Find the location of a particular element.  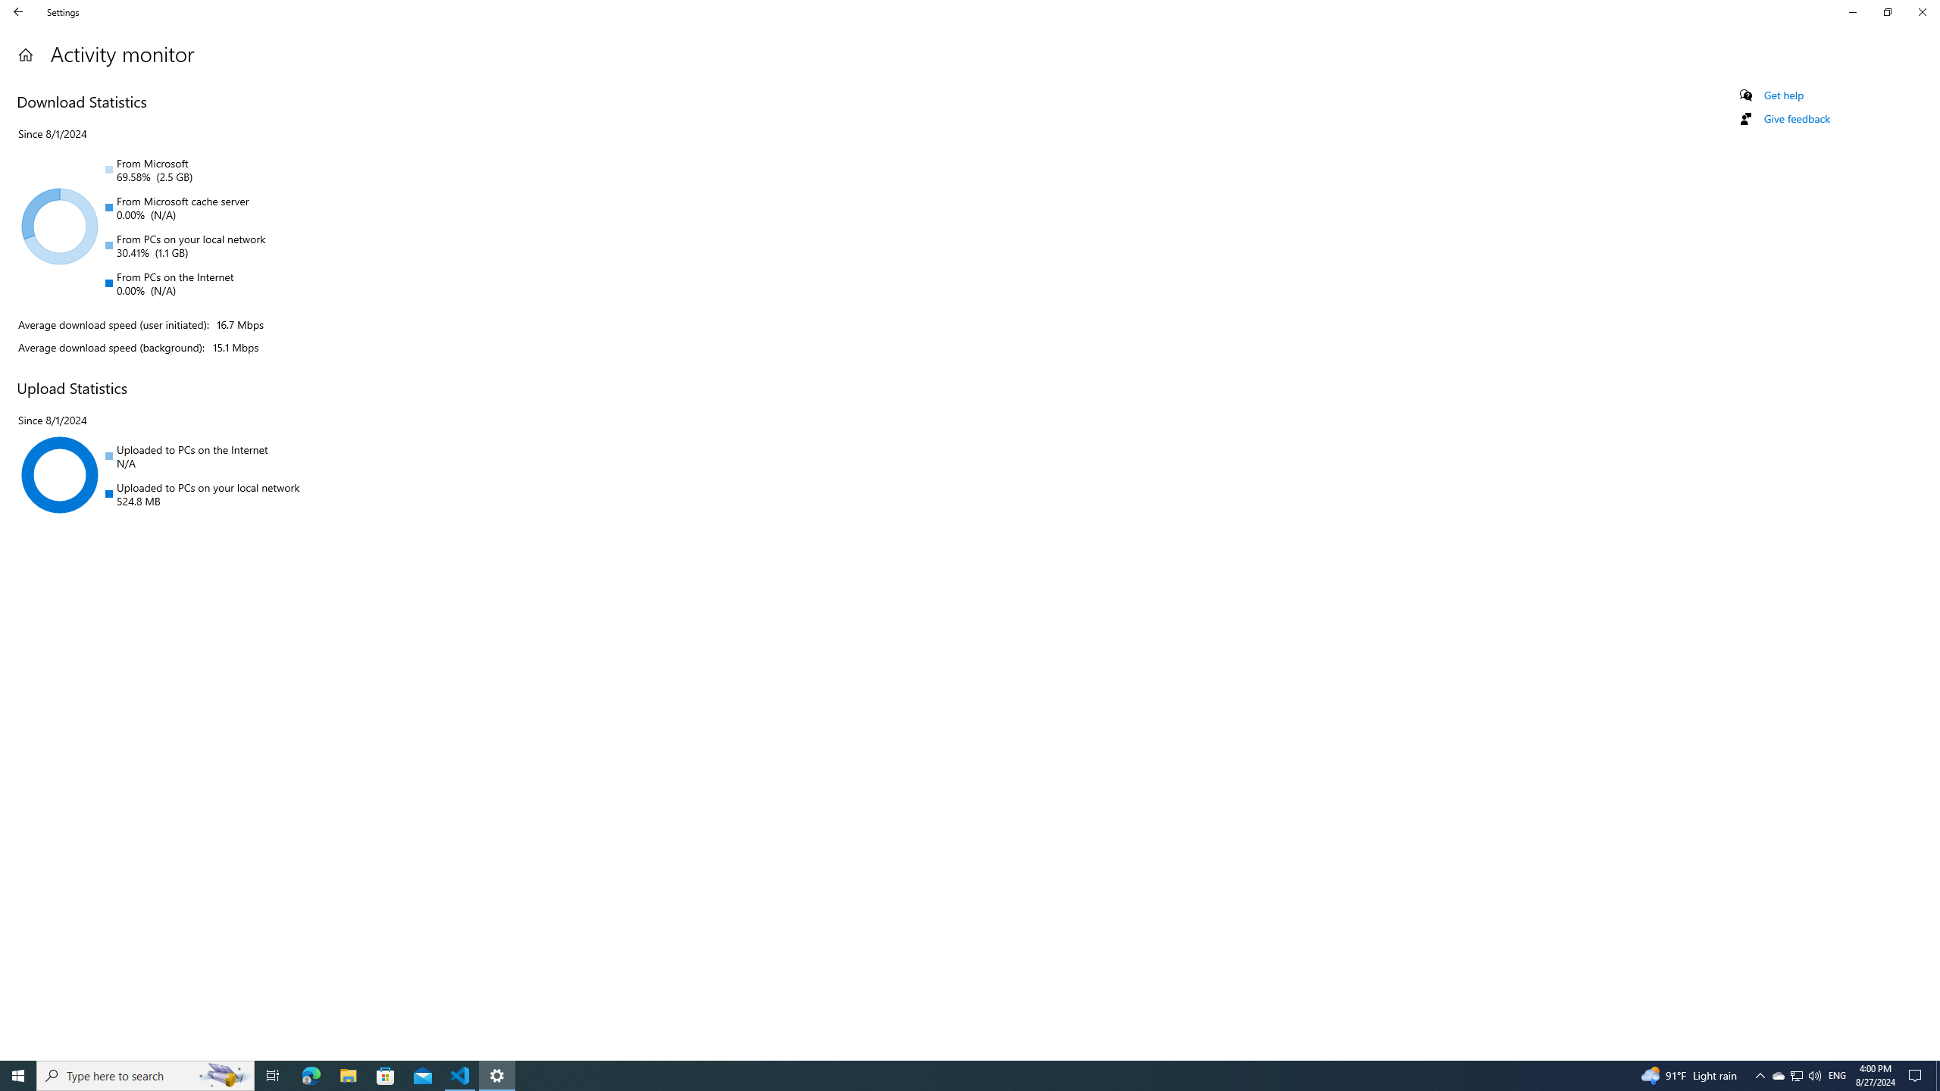

'Get help' is located at coordinates (1782, 95).